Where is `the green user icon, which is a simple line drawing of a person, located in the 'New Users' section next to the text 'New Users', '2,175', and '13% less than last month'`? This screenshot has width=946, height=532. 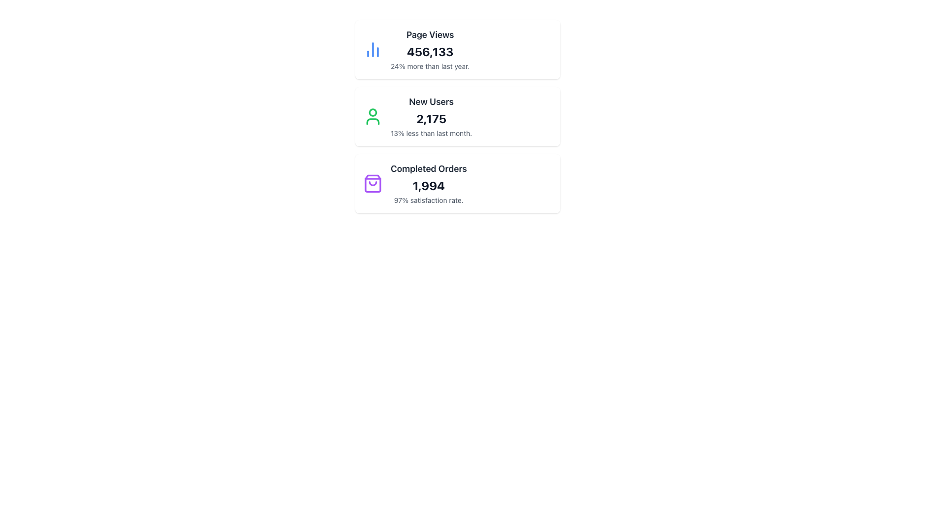 the green user icon, which is a simple line drawing of a person, located in the 'New Users' section next to the text 'New Users', '2,175', and '13% less than last month' is located at coordinates (372, 116).